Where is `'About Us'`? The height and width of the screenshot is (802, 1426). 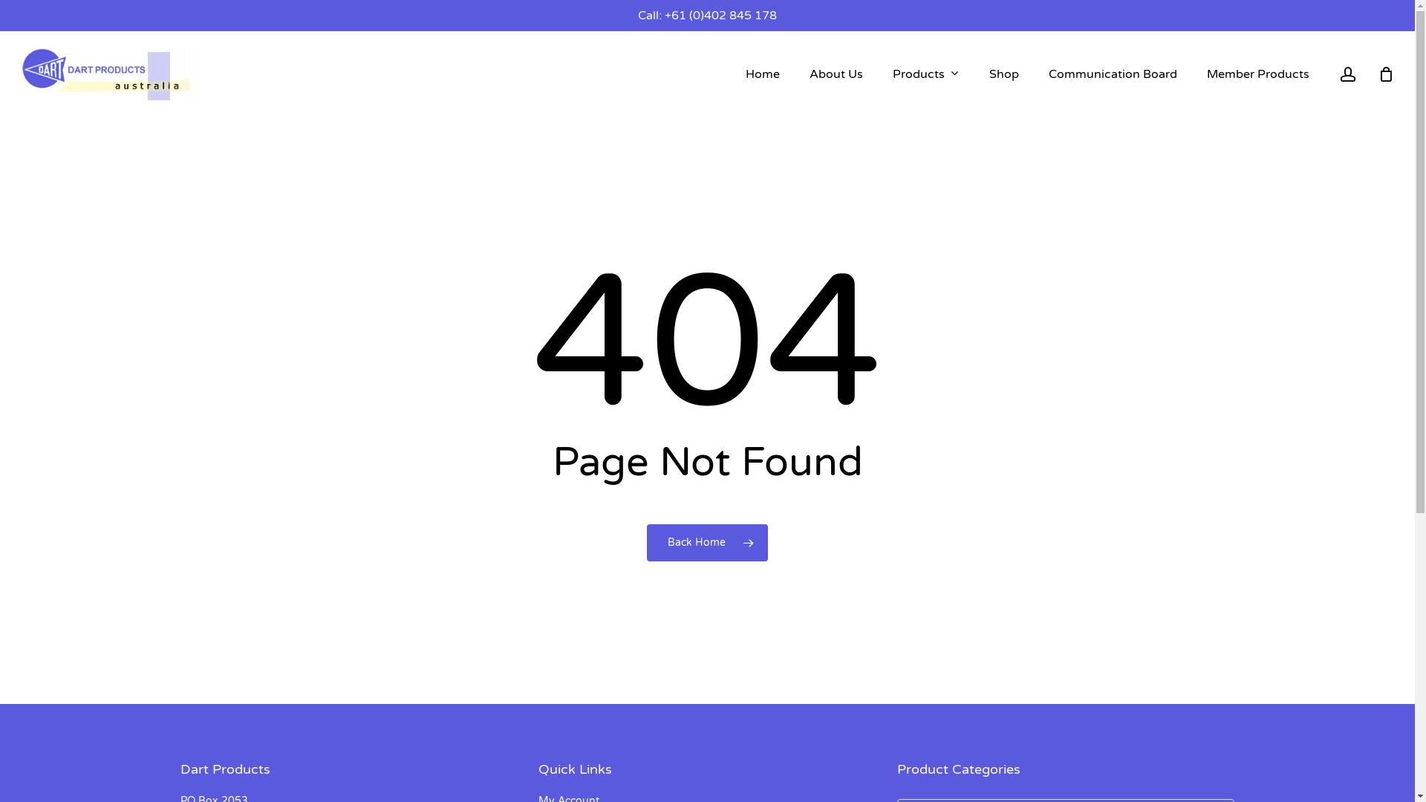 'About Us' is located at coordinates (836, 74).